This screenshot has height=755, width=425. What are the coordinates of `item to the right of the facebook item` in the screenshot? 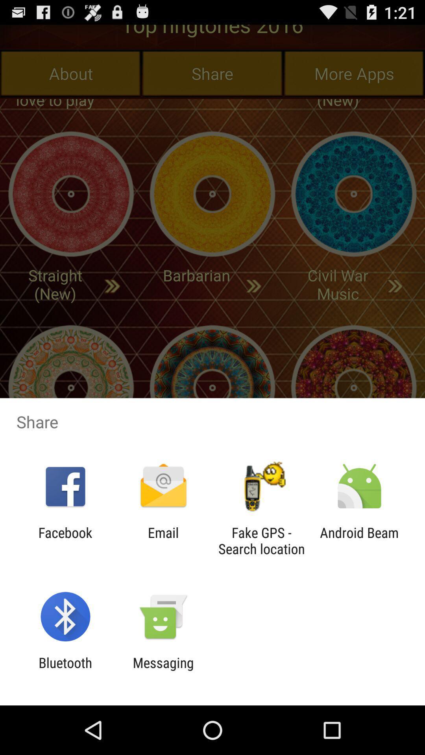 It's located at (163, 540).